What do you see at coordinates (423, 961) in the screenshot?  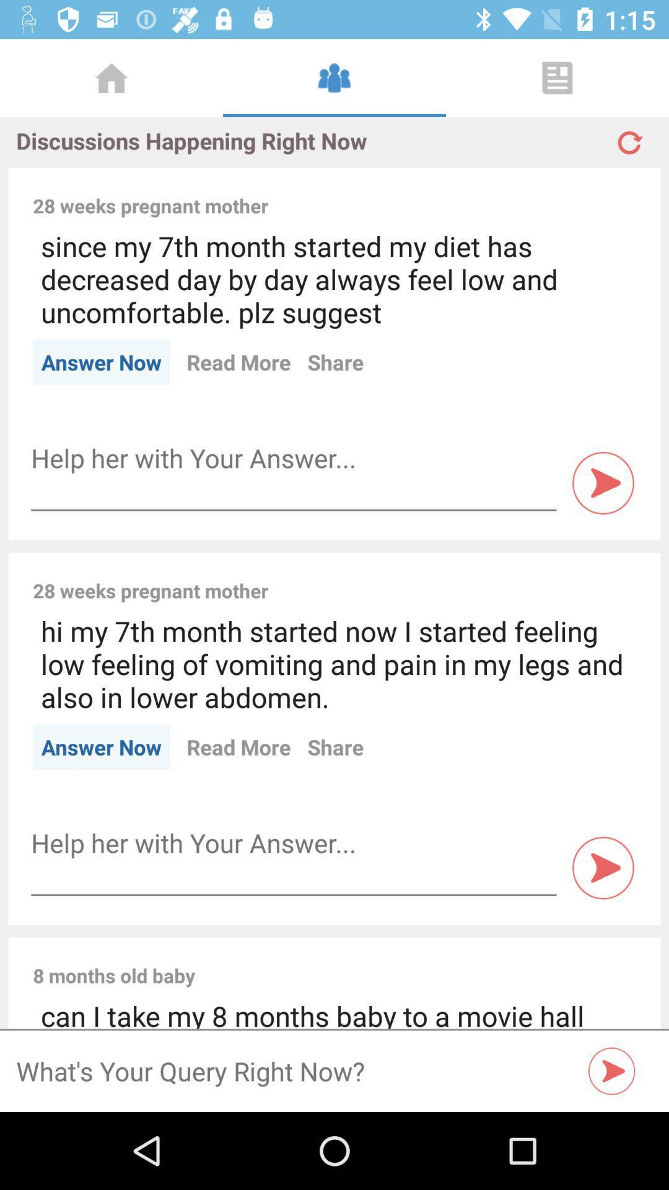 I see `icon next to the 8 months old icon` at bounding box center [423, 961].